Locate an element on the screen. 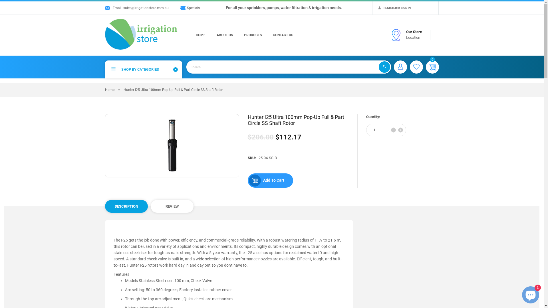 Image resolution: width=548 pixels, height=308 pixels. 'Add To Cart' is located at coordinates (270, 180).